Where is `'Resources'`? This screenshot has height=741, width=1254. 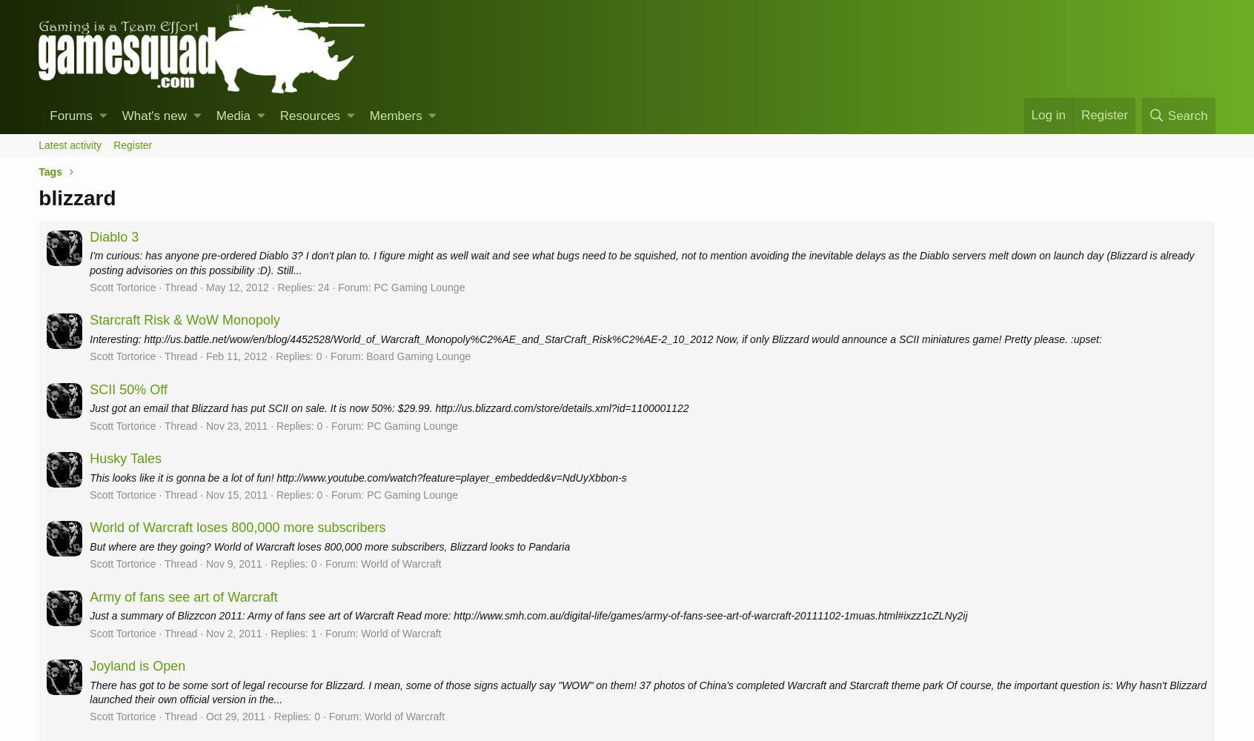
'Resources' is located at coordinates (309, 115).